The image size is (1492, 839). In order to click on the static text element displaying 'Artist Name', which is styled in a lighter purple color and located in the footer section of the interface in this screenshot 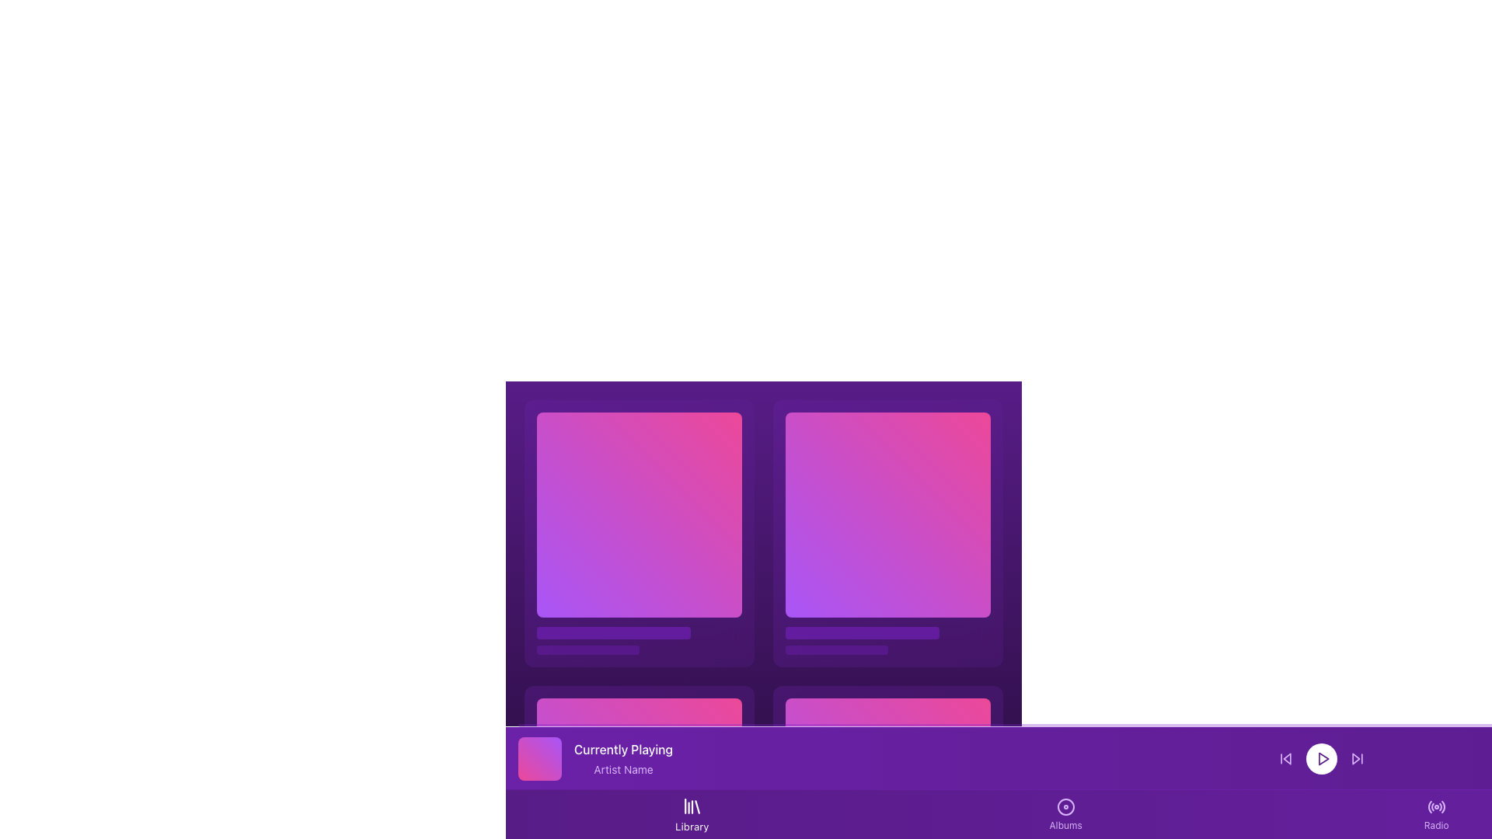, I will do `click(623, 769)`.